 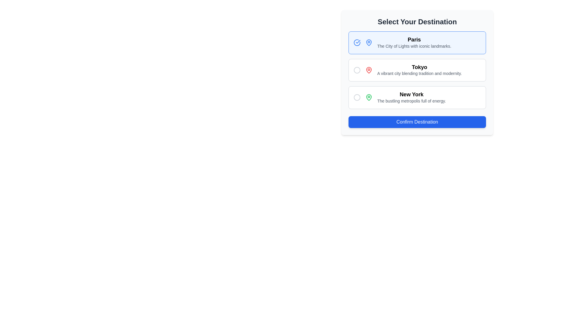 What do you see at coordinates (414, 42) in the screenshot?
I see `the first item in the list, which is a label displaying 'Paris' in a bold font and a description below it` at bounding box center [414, 42].